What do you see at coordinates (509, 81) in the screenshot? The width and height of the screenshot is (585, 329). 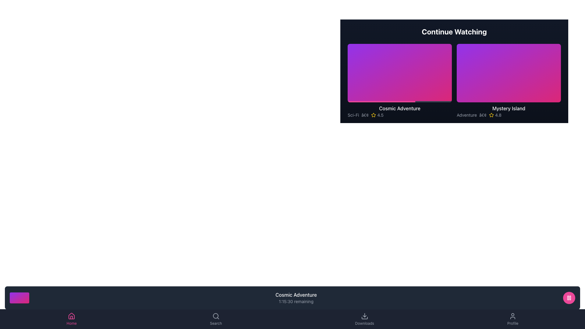 I see `the second Card UI component in the 'Continue Watching' list` at bounding box center [509, 81].